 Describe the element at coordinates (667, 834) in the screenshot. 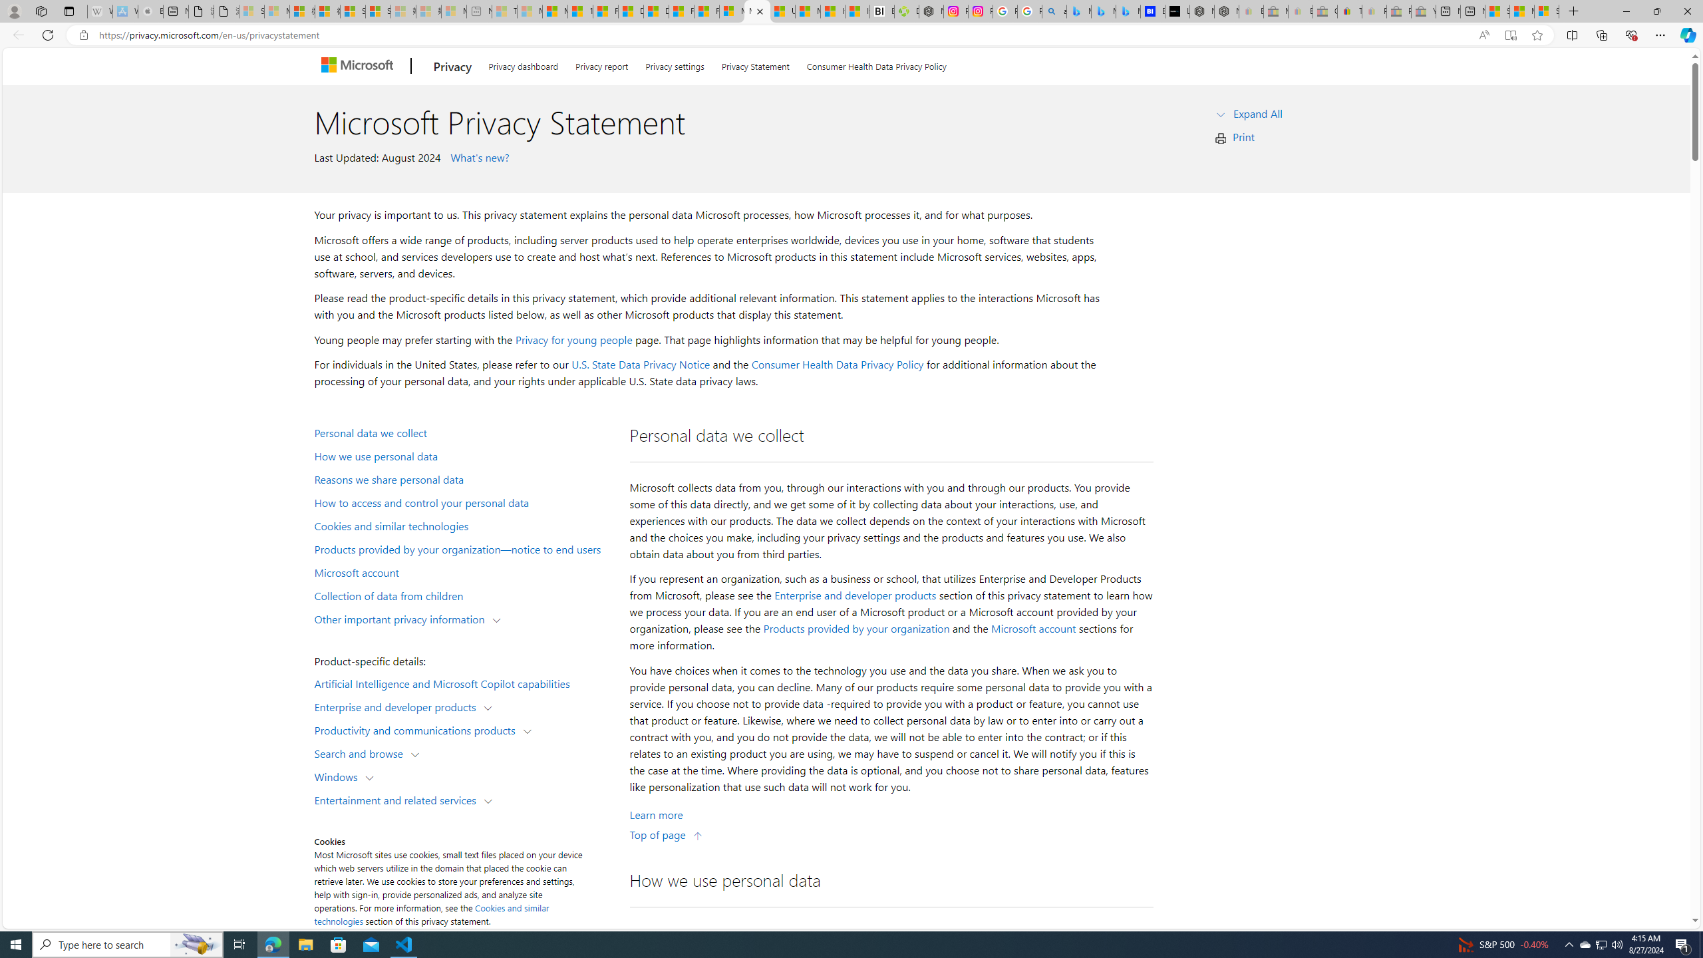

I see `'Top of page'` at that location.